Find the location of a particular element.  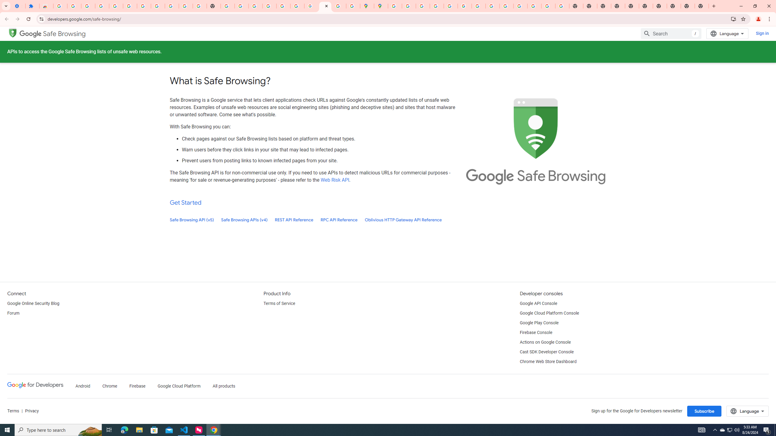

'Cast SDK Developer Console' is located at coordinates (546, 352).